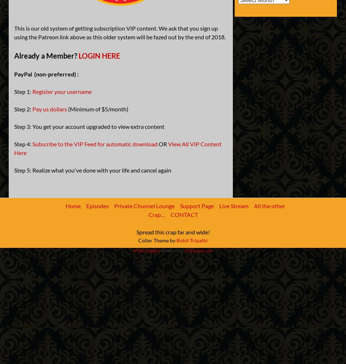  Describe the element at coordinates (97, 109) in the screenshot. I see `'(Minimum of $5/month)'` at that location.